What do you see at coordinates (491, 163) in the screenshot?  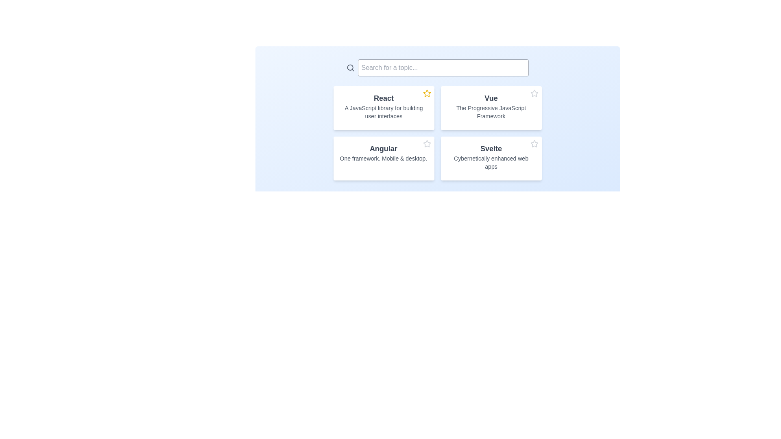 I see `descriptive subtitle text component located beneath the bold title text 'Svelte', which provides additional information about the Svelte framework` at bounding box center [491, 163].